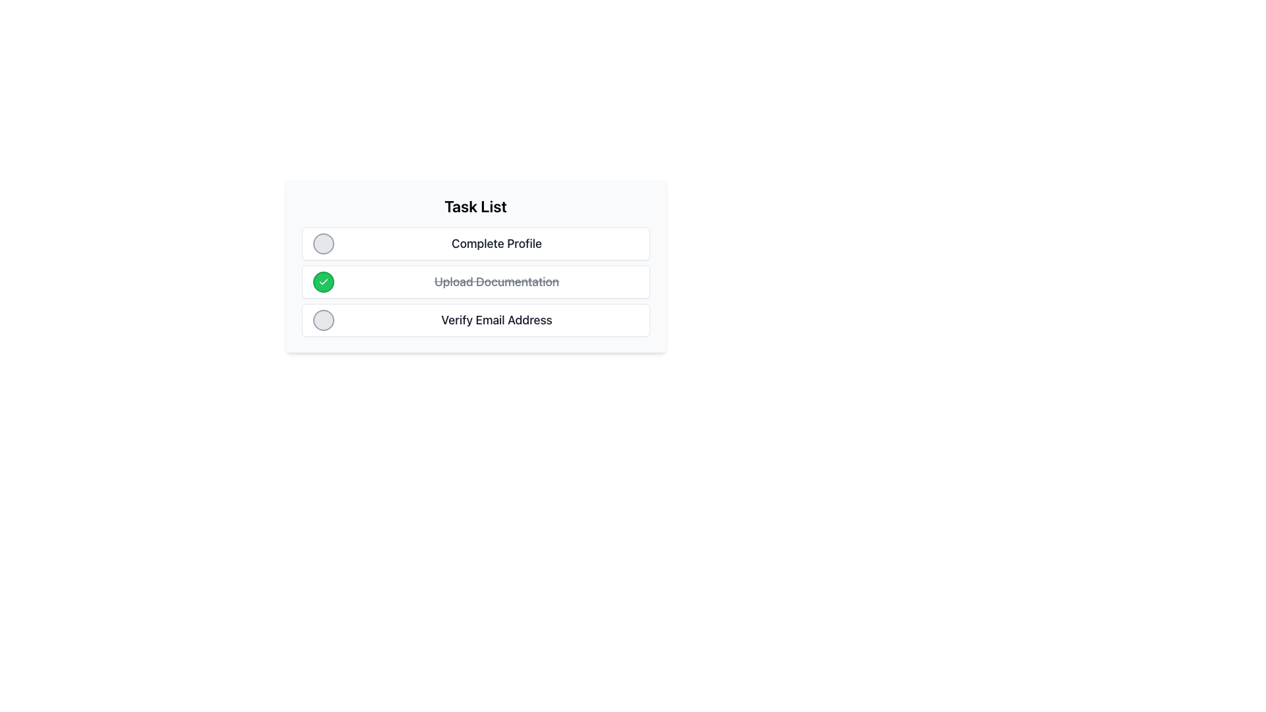 The height and width of the screenshot is (712, 1266). I want to click on the state of the completion icon for the task labeled 'Upload Documentation', which is the second item in the task list interface, so click(323, 282).